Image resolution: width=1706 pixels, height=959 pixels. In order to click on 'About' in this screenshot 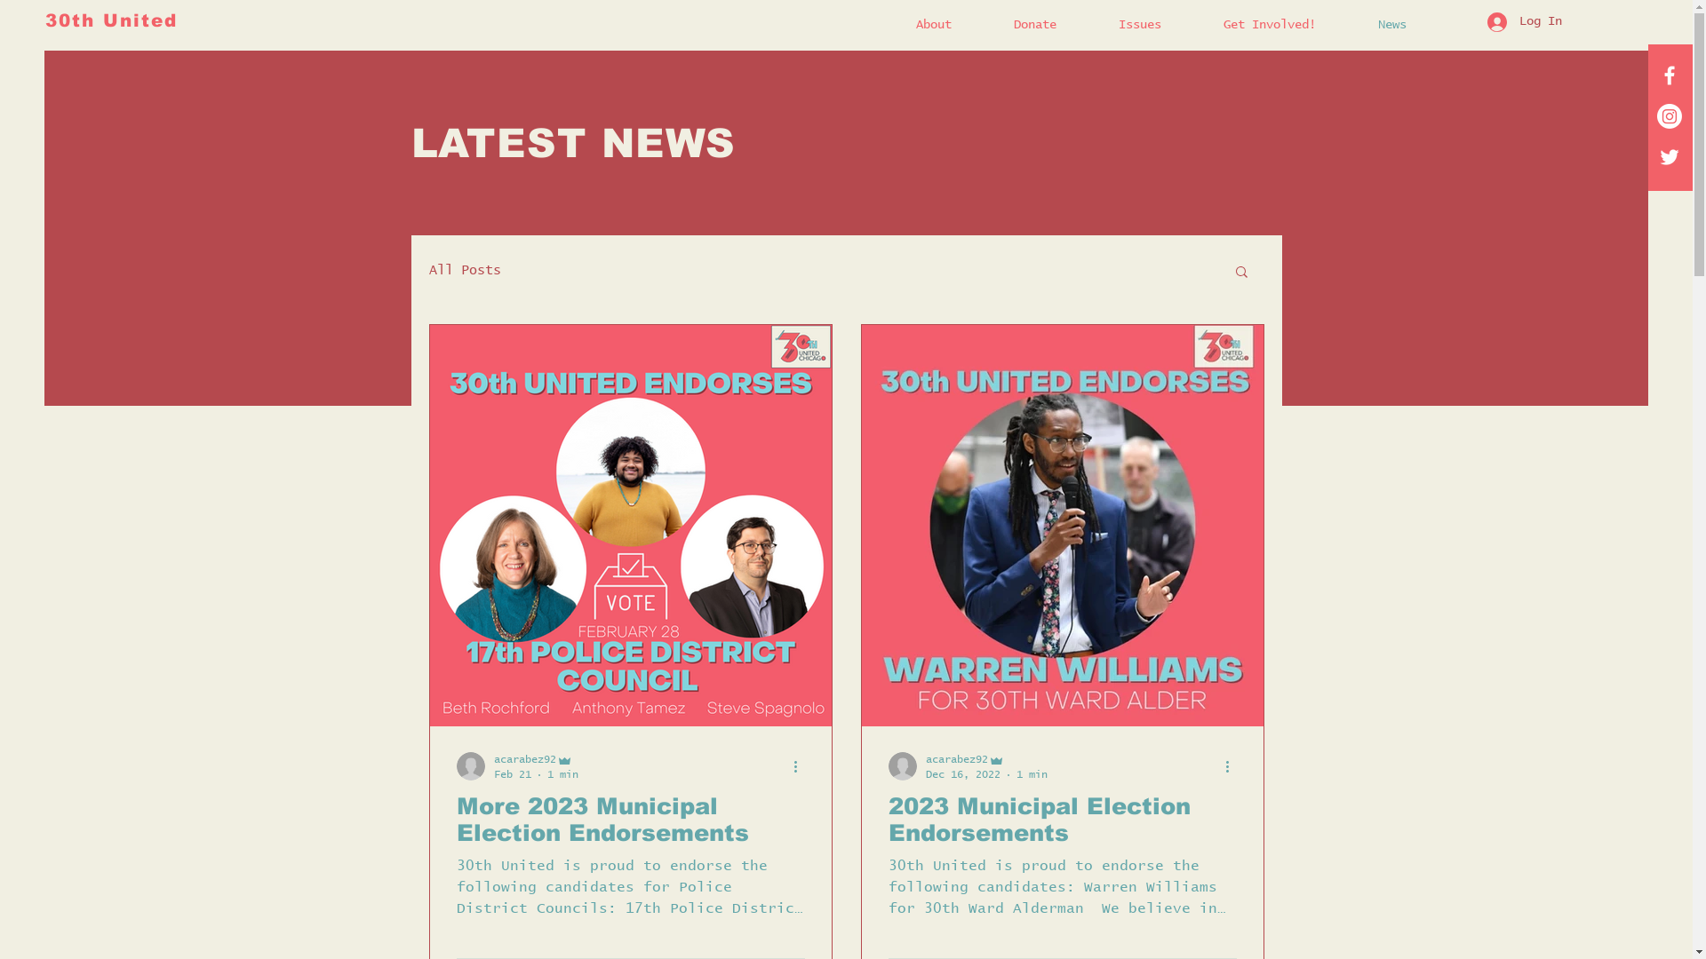, I will do `click(950, 24)`.